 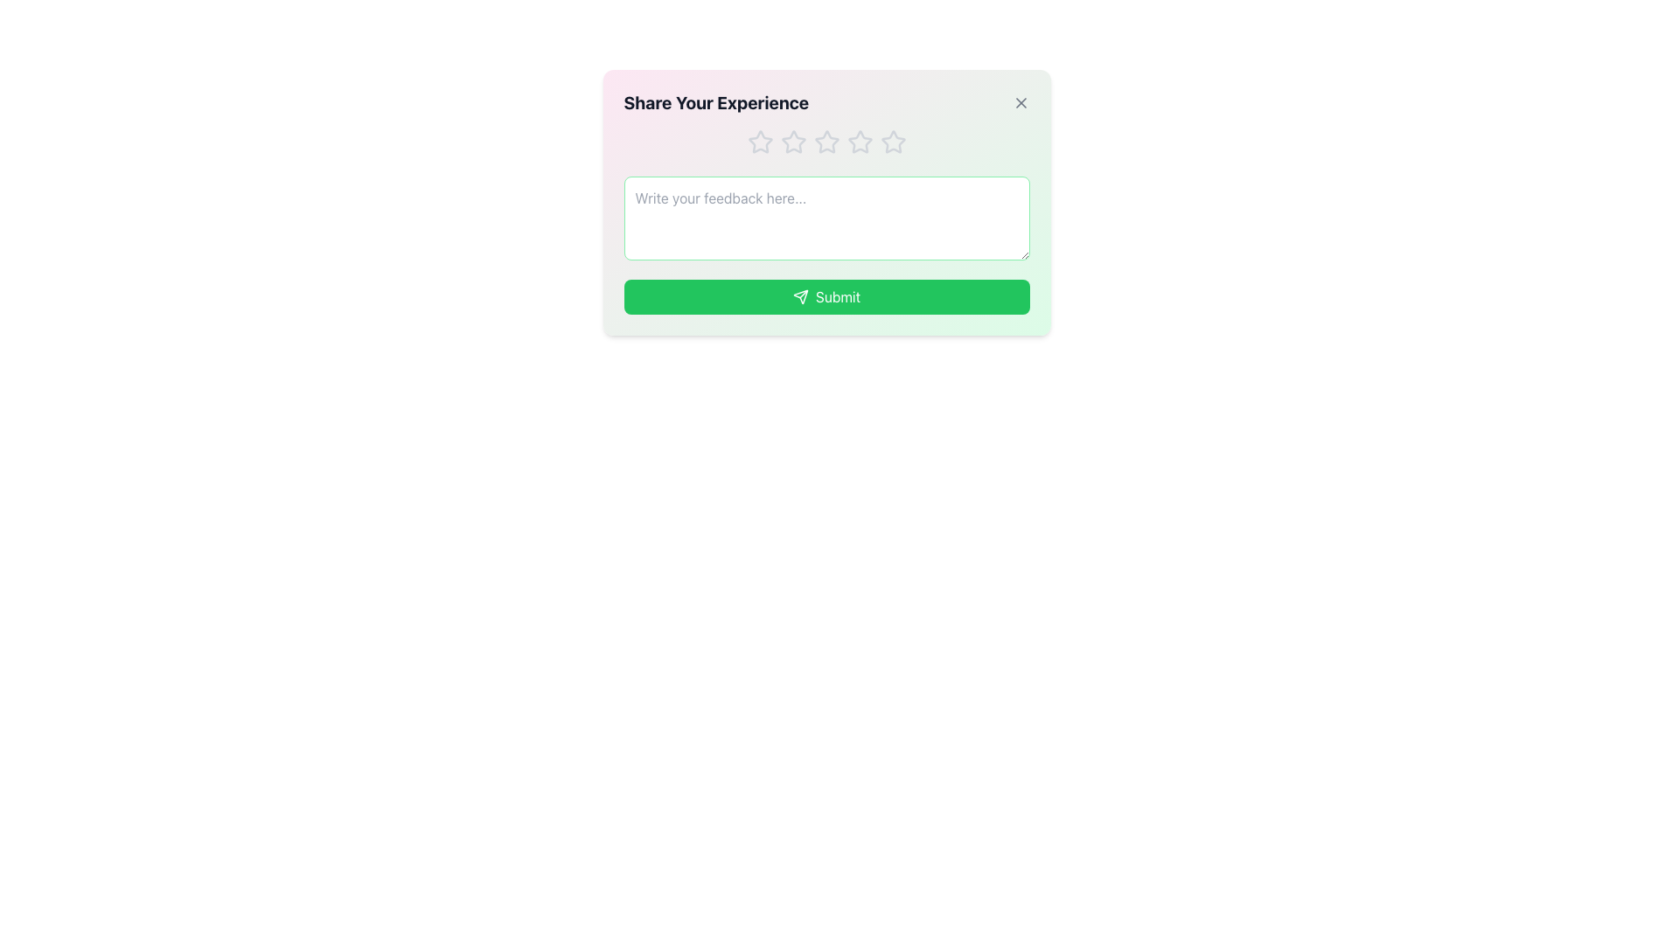 I want to click on the green 'Submit' button at the bottom of the feedback form, which contains the SVG icon for submitting feedback, so click(x=799, y=295).